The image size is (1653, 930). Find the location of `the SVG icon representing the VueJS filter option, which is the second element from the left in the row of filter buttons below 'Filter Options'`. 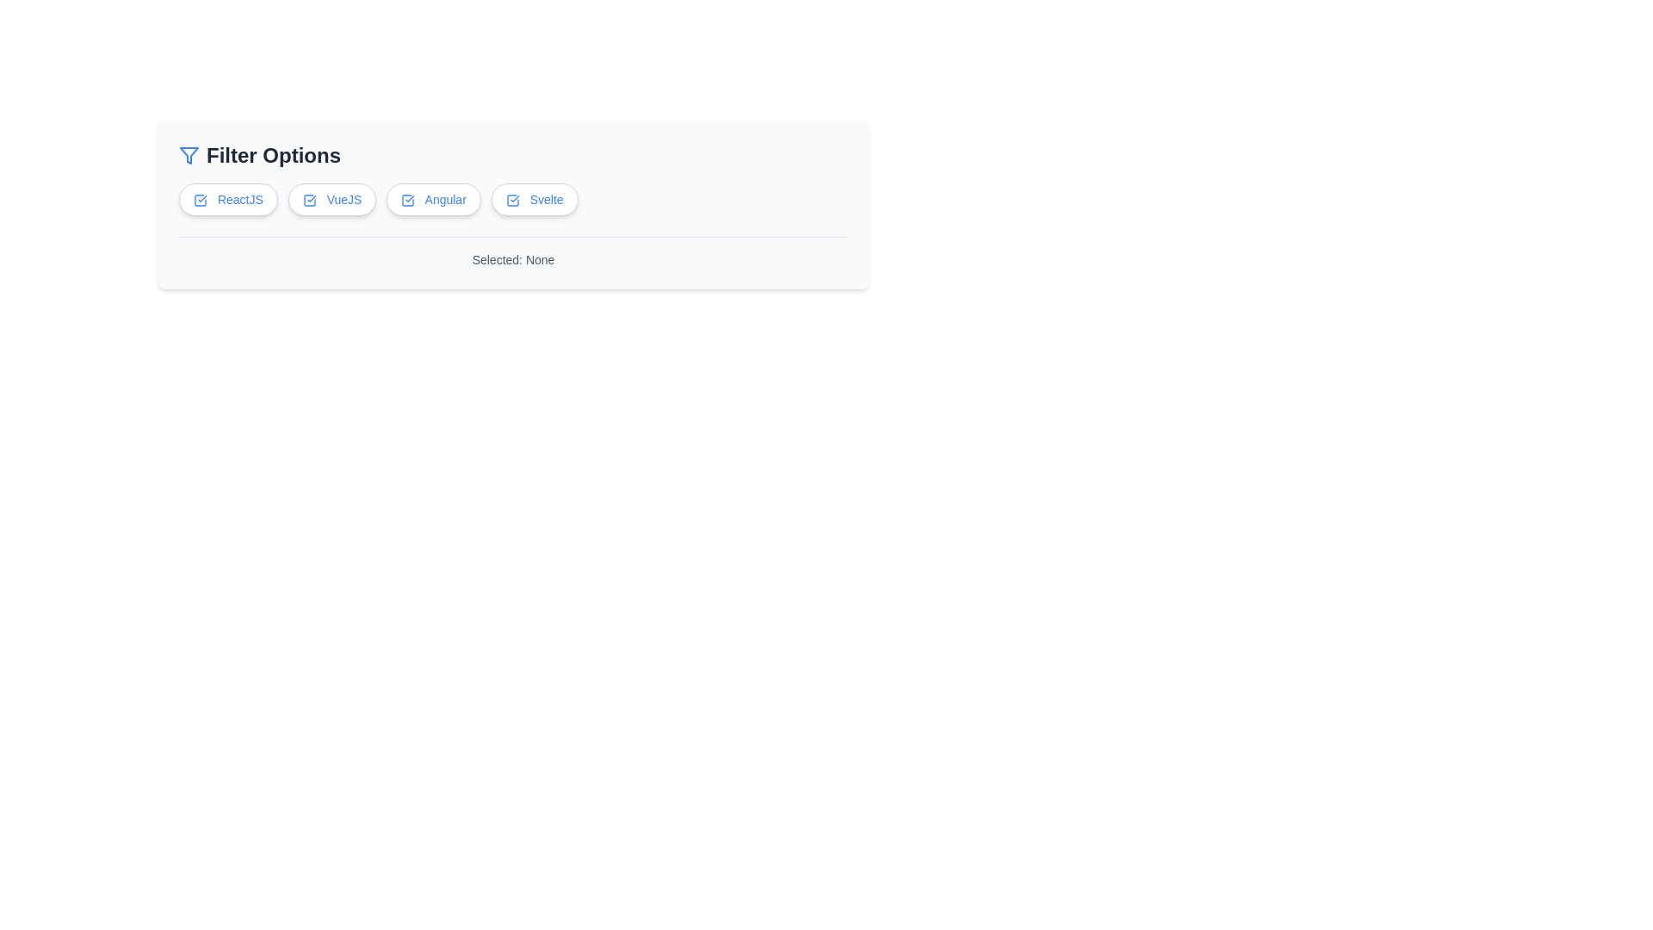

the SVG icon representing the VueJS filter option, which is the second element from the left in the row of filter buttons below 'Filter Options' is located at coordinates (309, 200).